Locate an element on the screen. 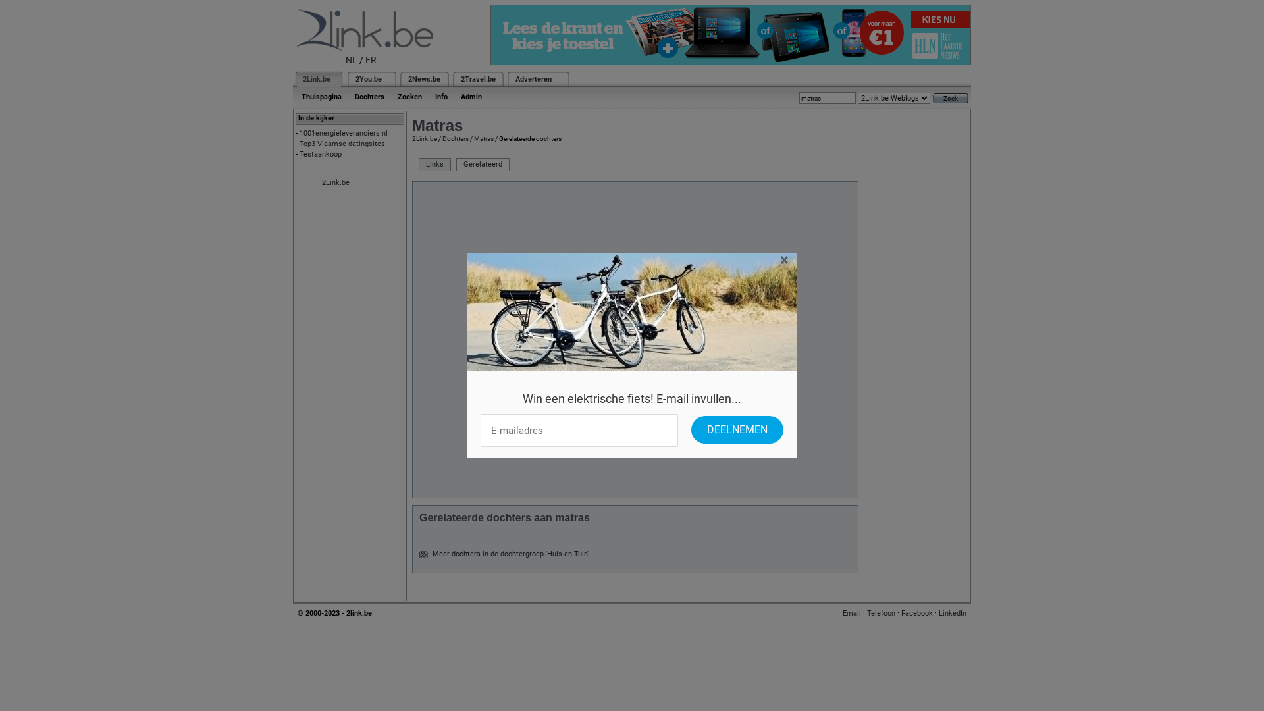 The width and height of the screenshot is (1264, 711). 'Meer dochters in de dochtergroep 'Huis en Tuin'' is located at coordinates (510, 554).